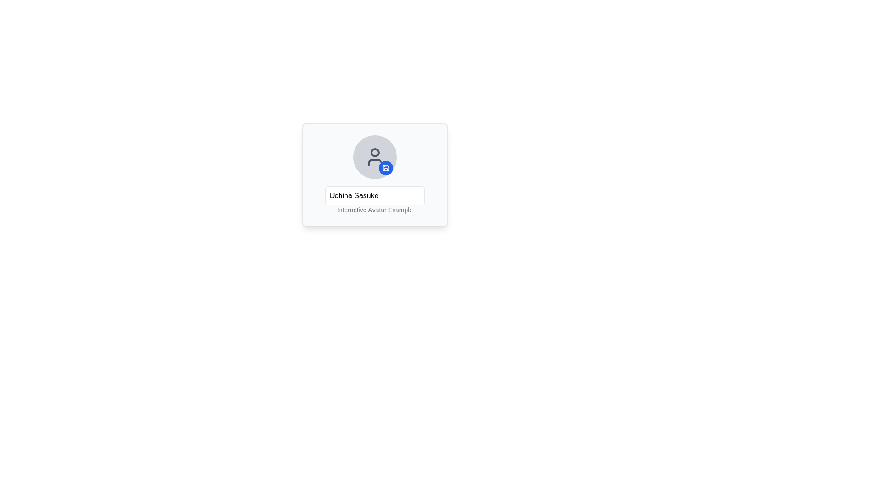  Describe the element at coordinates (386, 168) in the screenshot. I see `the save button located at the bottom-right corner of the avatar image` at that location.